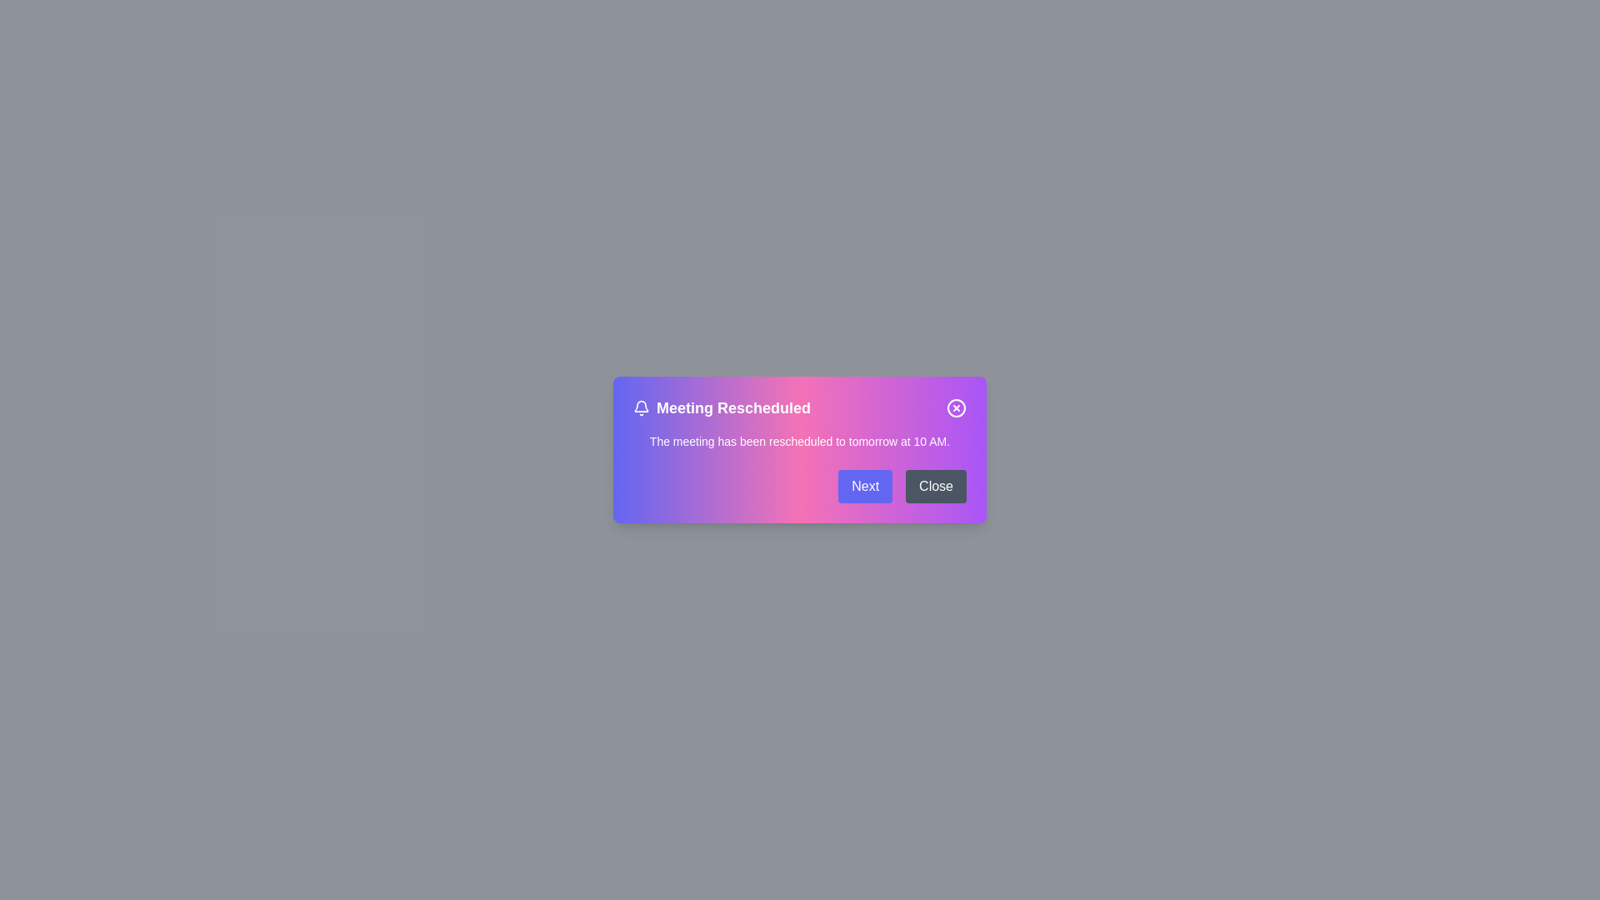  Describe the element at coordinates (936, 486) in the screenshot. I see `the 'Close' button to close the notification dialog` at that location.